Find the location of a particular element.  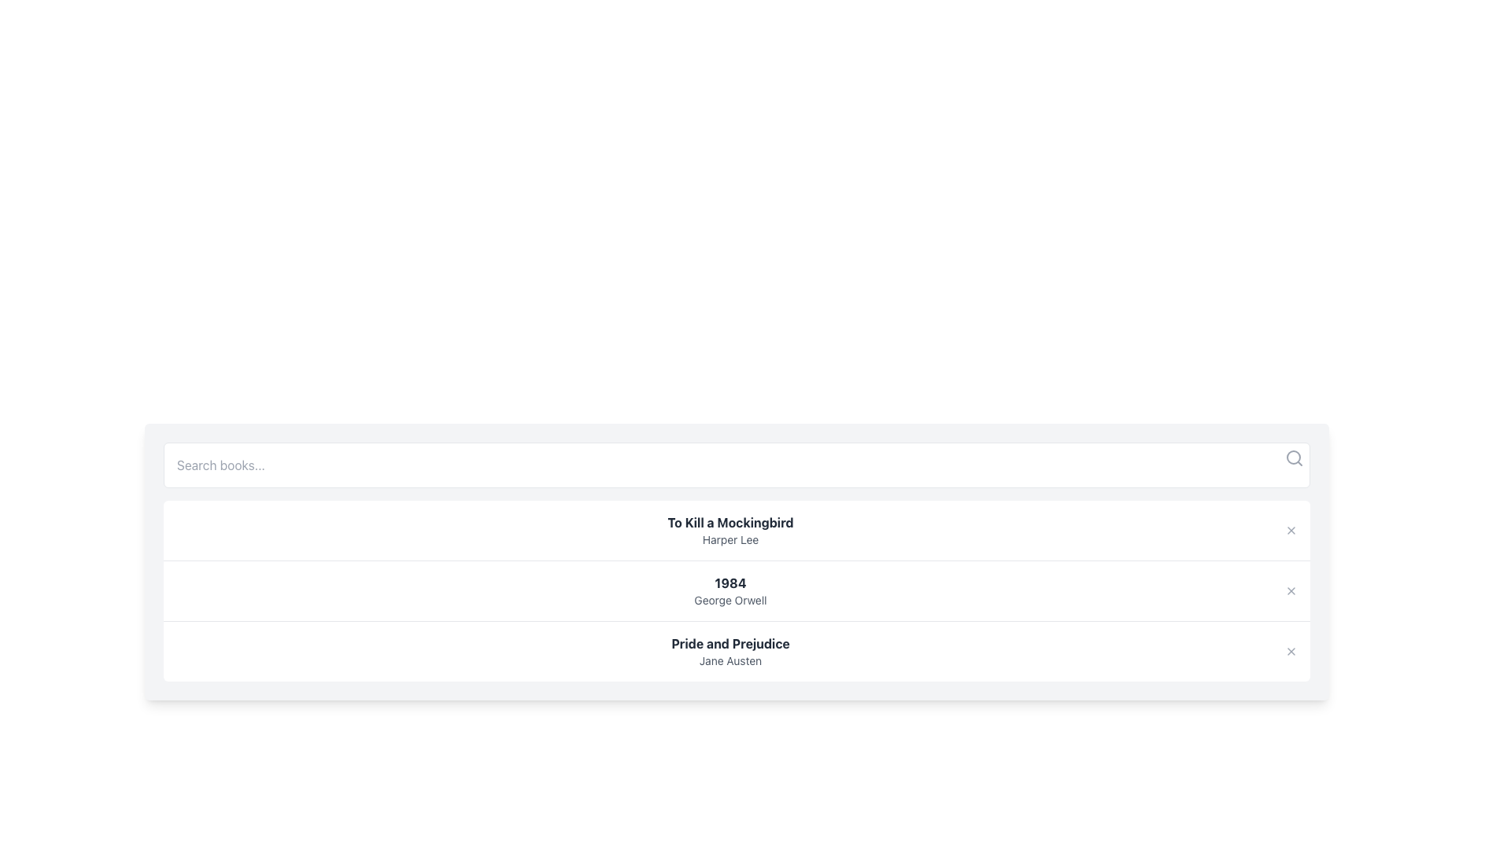

the first List Item representing the book 'To Kill a Mockingbird' by Harper Lee is located at coordinates (736, 531).